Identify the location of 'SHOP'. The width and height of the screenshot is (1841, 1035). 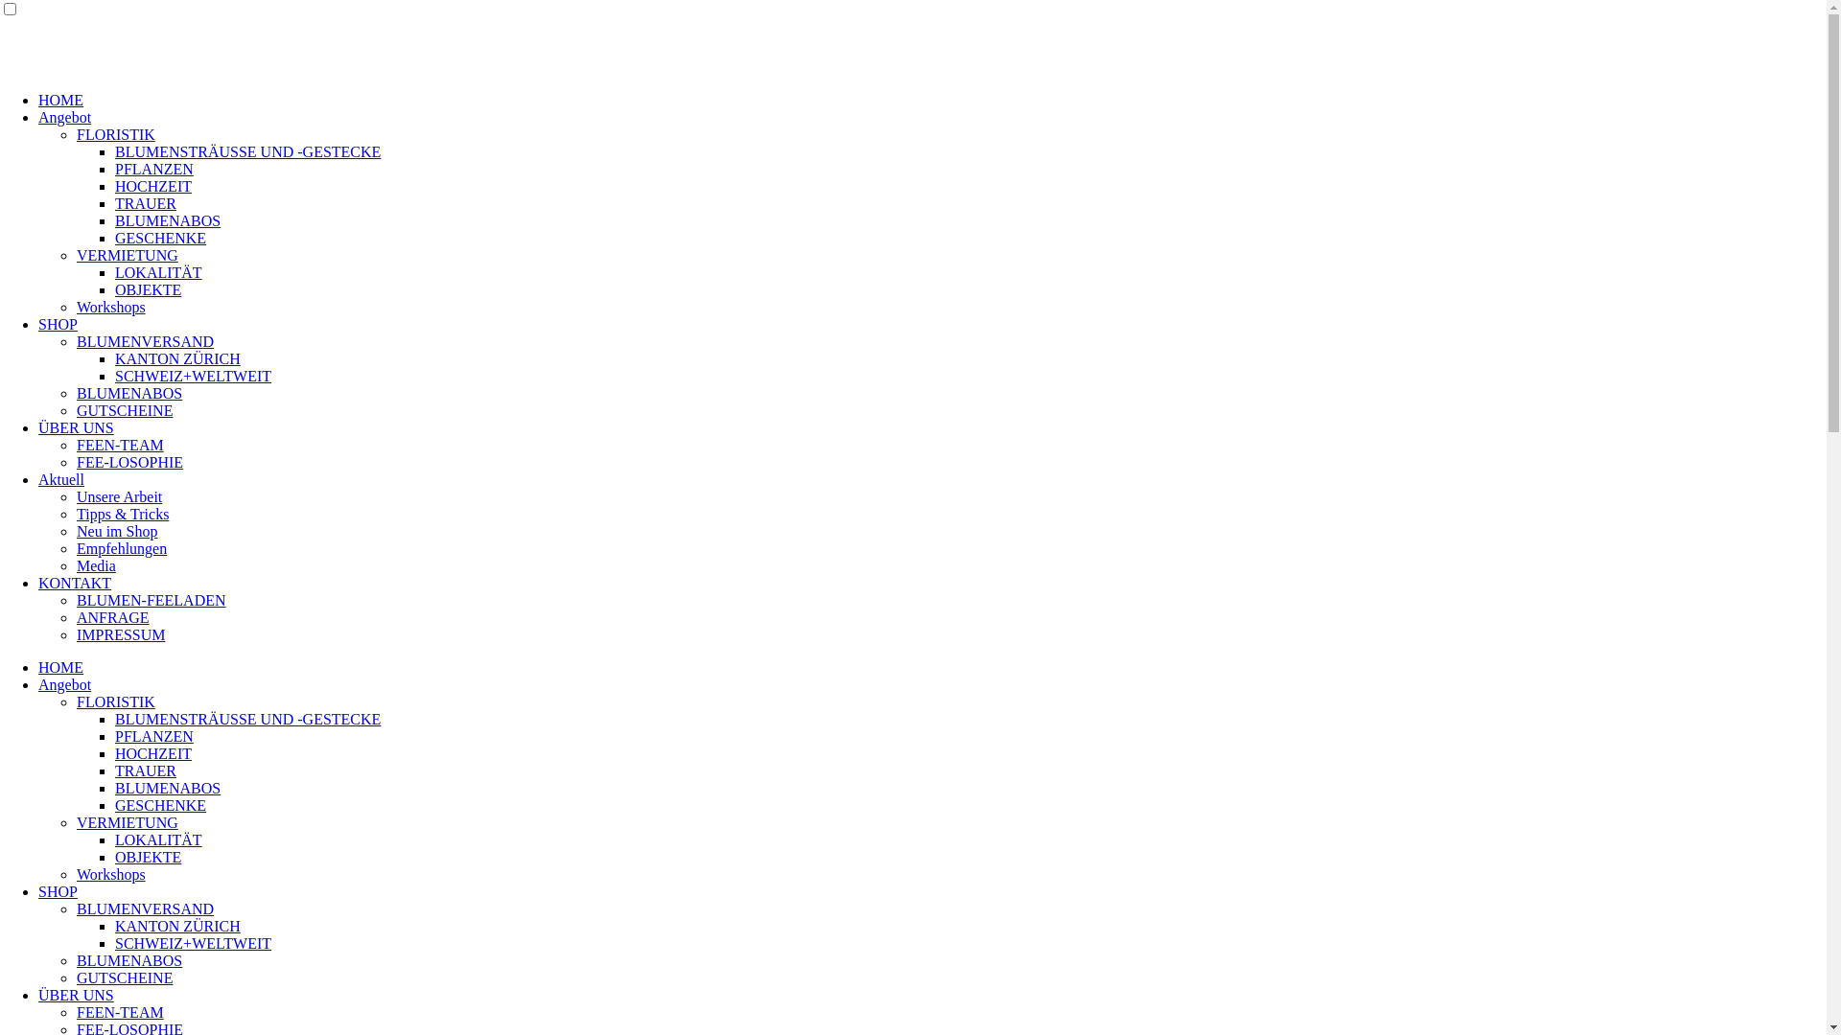
(58, 891).